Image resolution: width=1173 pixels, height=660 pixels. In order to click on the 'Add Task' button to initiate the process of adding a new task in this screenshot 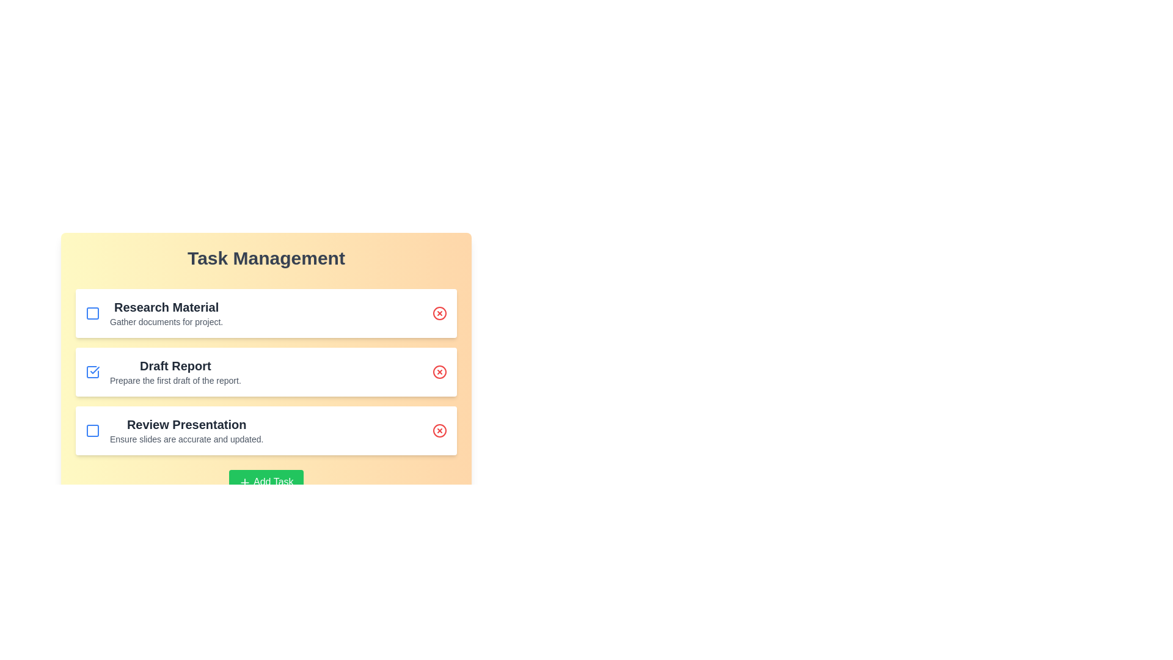, I will do `click(266, 482)`.